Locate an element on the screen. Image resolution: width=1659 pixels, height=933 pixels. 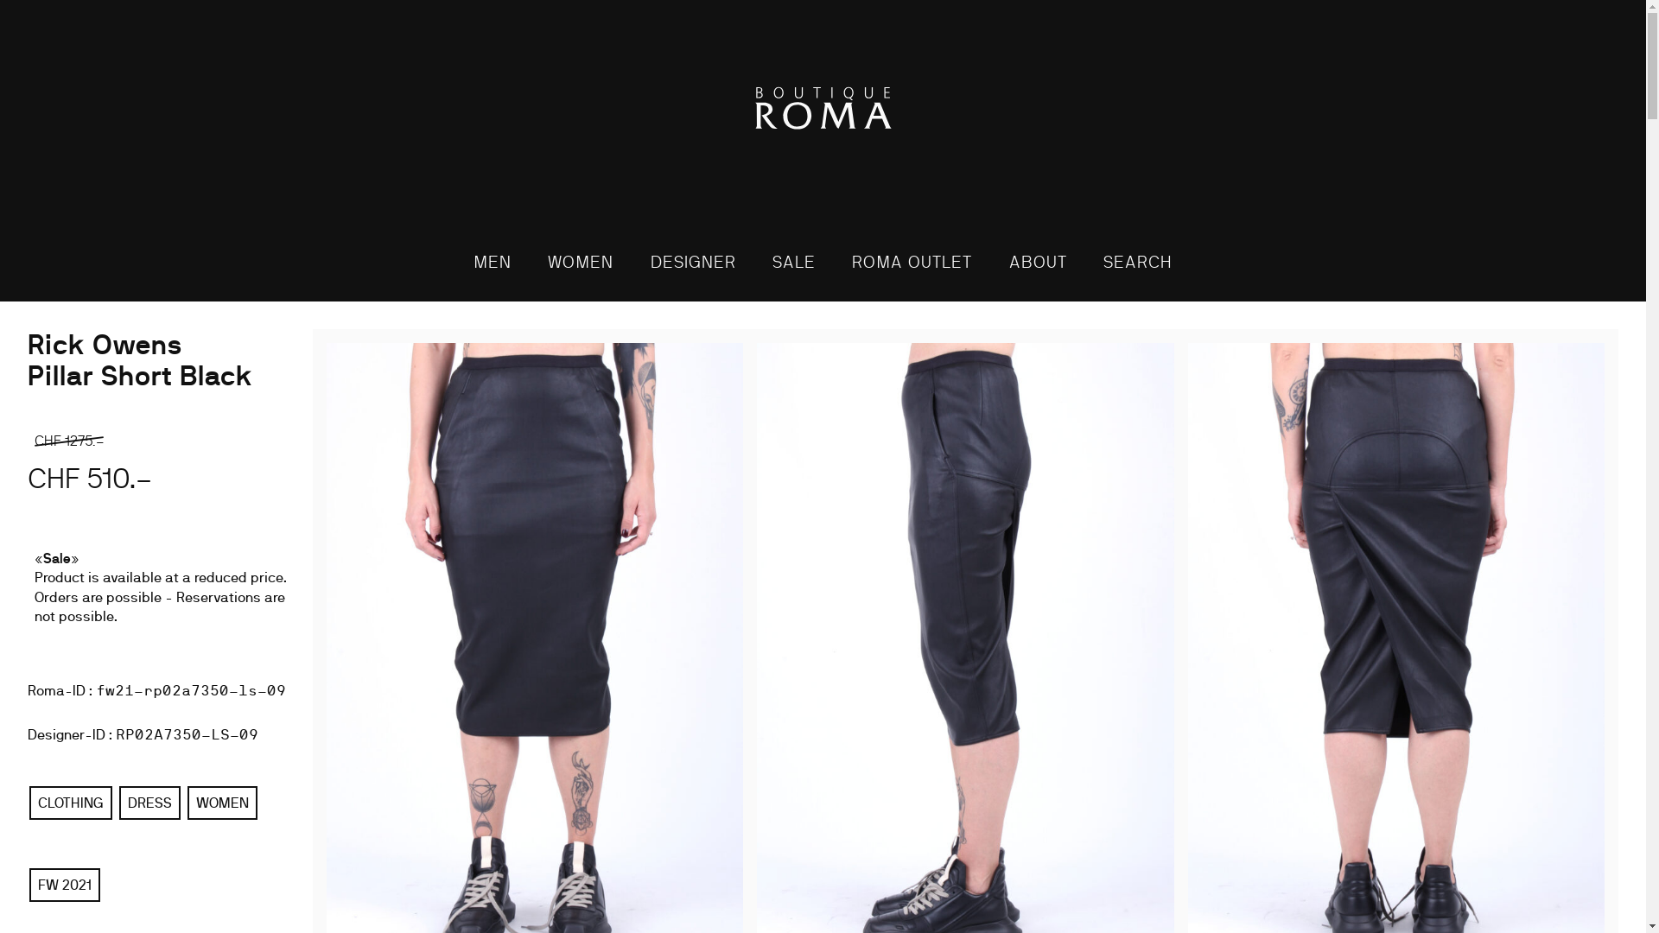
'DRESS' is located at coordinates (149, 803).